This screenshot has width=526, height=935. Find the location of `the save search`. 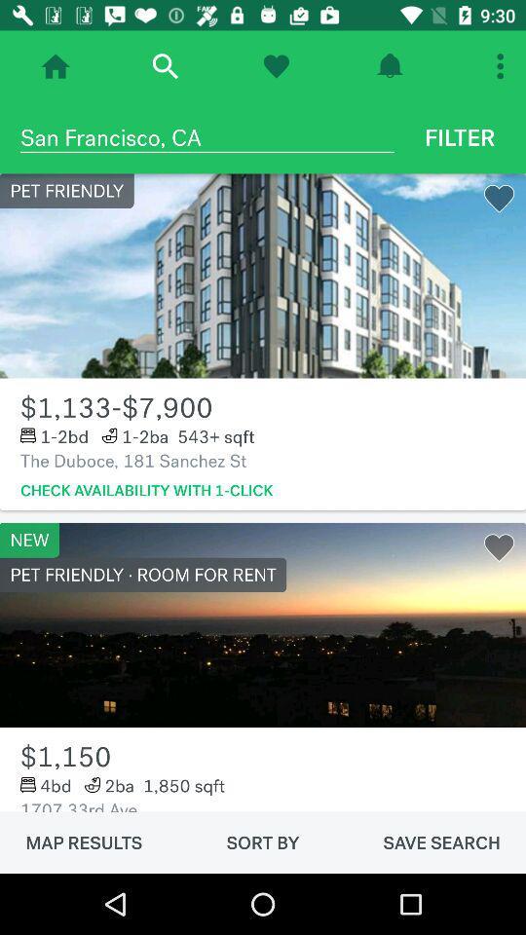

the save search is located at coordinates (441, 841).